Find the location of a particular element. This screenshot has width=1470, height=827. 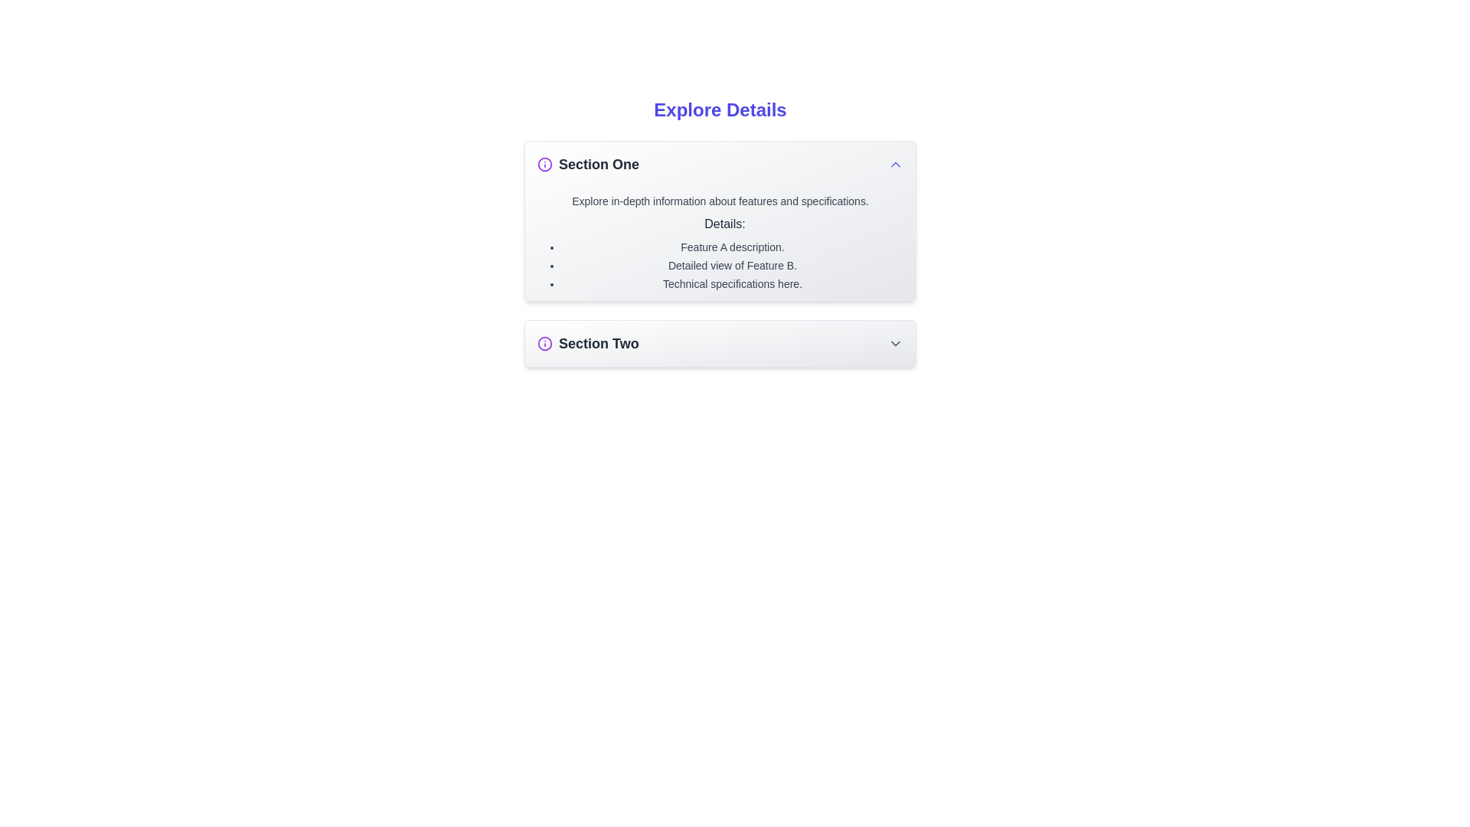

the Text Block that presents detailed information about features and specifications, located in 'Section One' below the section title is located at coordinates (719, 244).